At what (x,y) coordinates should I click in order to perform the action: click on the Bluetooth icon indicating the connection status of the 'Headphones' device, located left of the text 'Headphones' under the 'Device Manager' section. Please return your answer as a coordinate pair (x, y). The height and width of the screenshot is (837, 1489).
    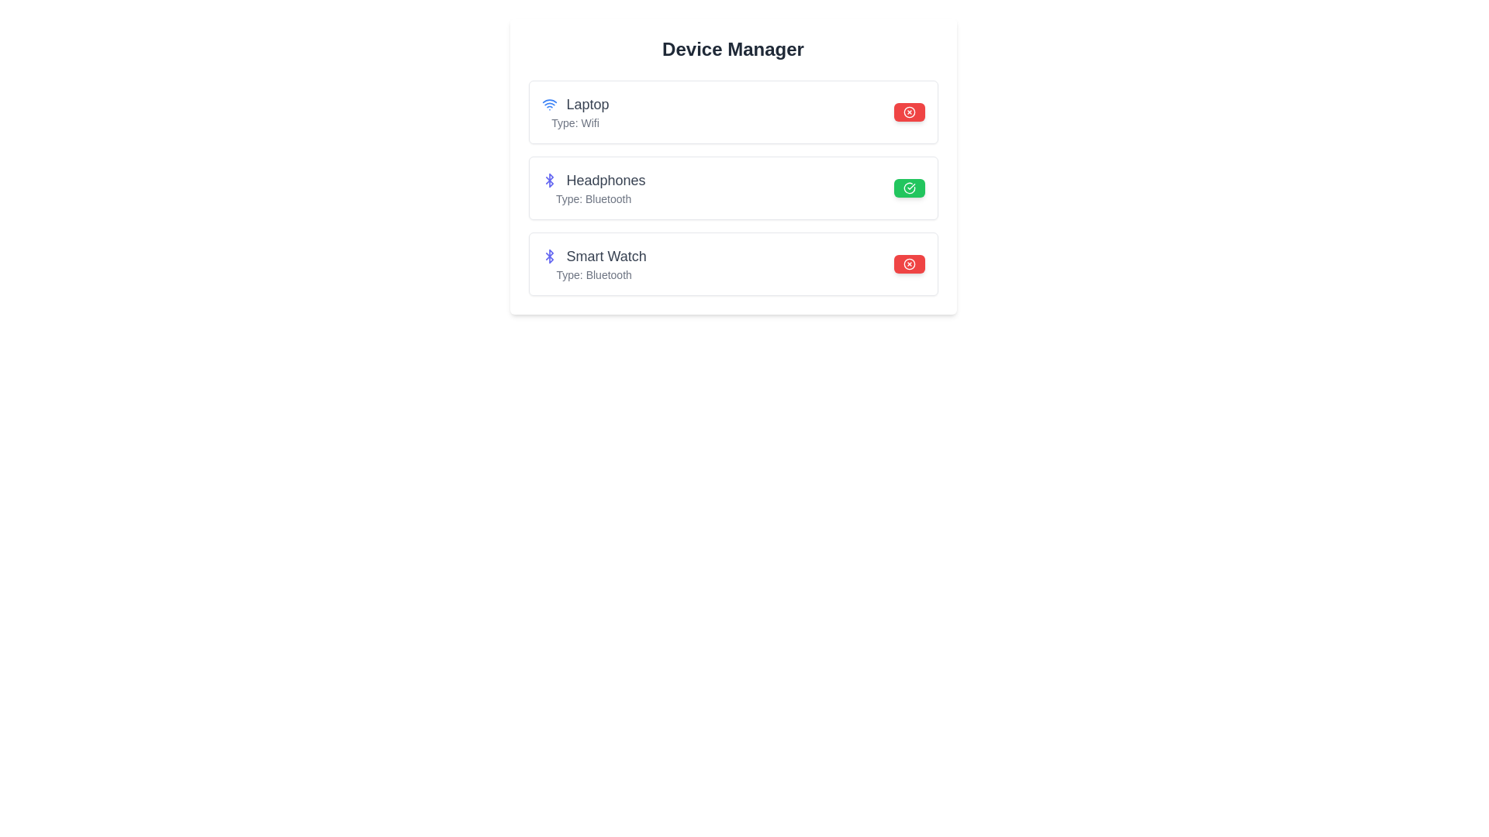
    Looking at the image, I should click on (549, 179).